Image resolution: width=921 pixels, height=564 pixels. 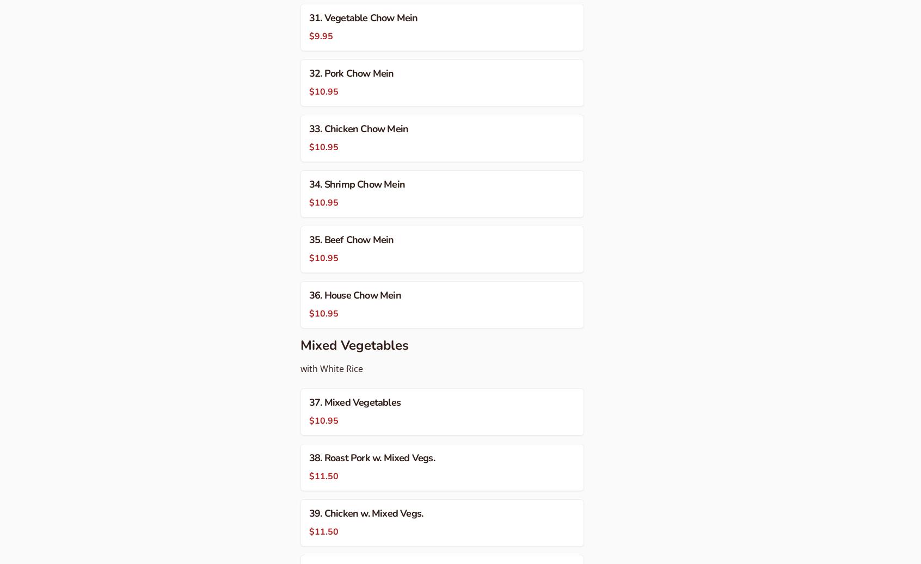 What do you see at coordinates (366, 513) in the screenshot?
I see `'39.  Chicken w. Mixed Vegs.'` at bounding box center [366, 513].